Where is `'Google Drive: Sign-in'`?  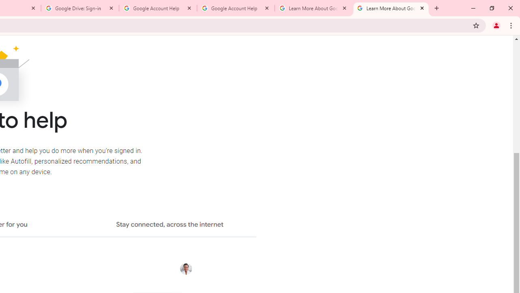 'Google Drive: Sign-in' is located at coordinates (80, 8).